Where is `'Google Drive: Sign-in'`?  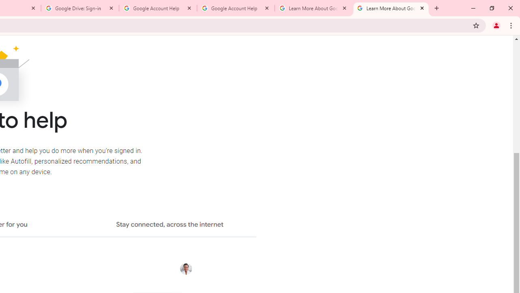 'Google Drive: Sign-in' is located at coordinates (80, 8).